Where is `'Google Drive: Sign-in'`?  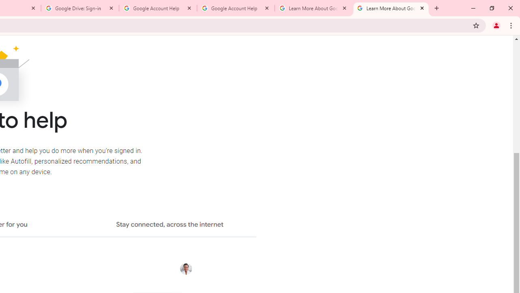 'Google Drive: Sign-in' is located at coordinates (80, 8).